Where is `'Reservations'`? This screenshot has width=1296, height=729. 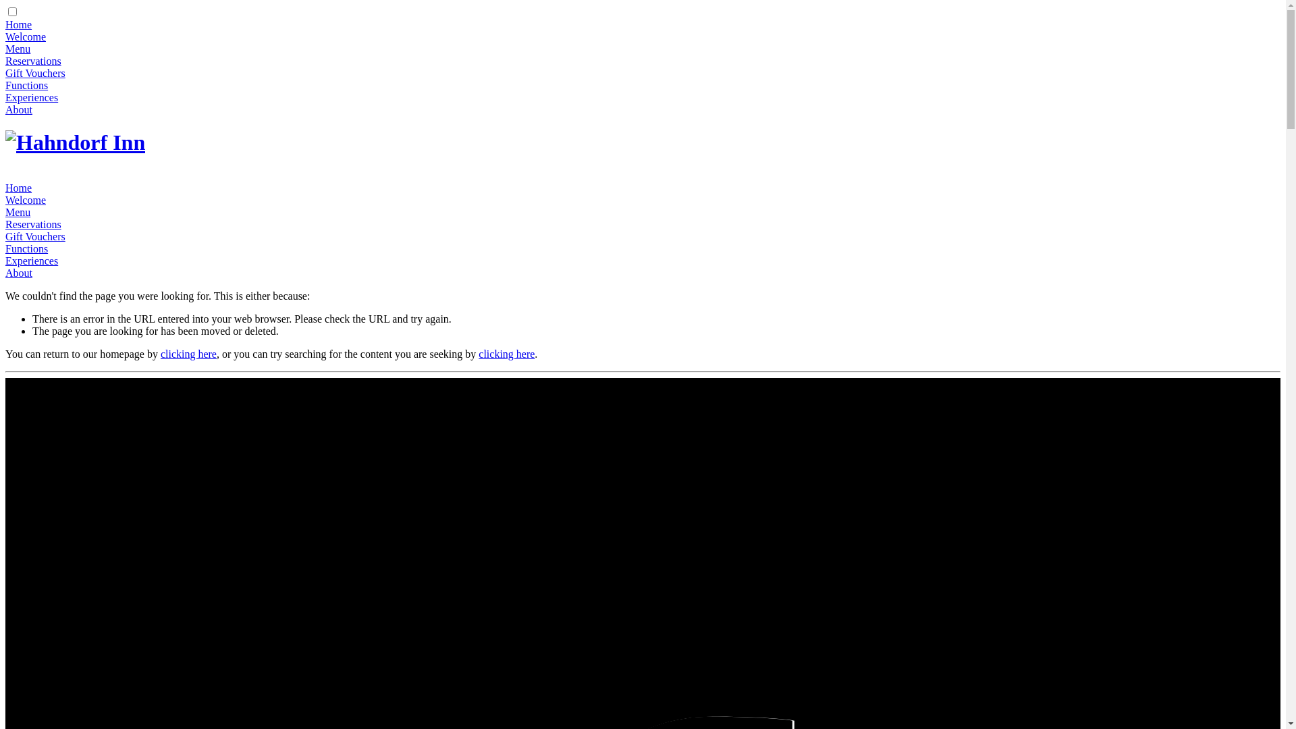
'Reservations' is located at coordinates (33, 223).